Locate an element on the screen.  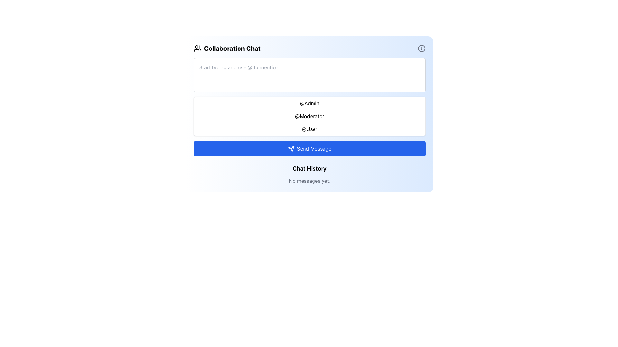
the static text item displaying the label '@Admin', which is the first element in a vertical list of three items is located at coordinates (309, 103).